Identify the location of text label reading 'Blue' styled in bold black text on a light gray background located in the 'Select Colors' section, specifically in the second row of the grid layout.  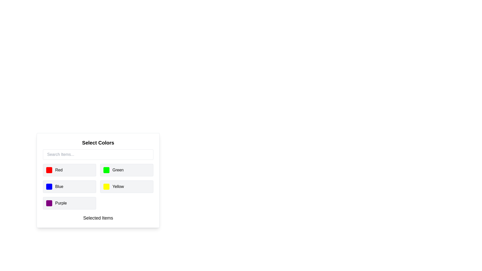
(59, 187).